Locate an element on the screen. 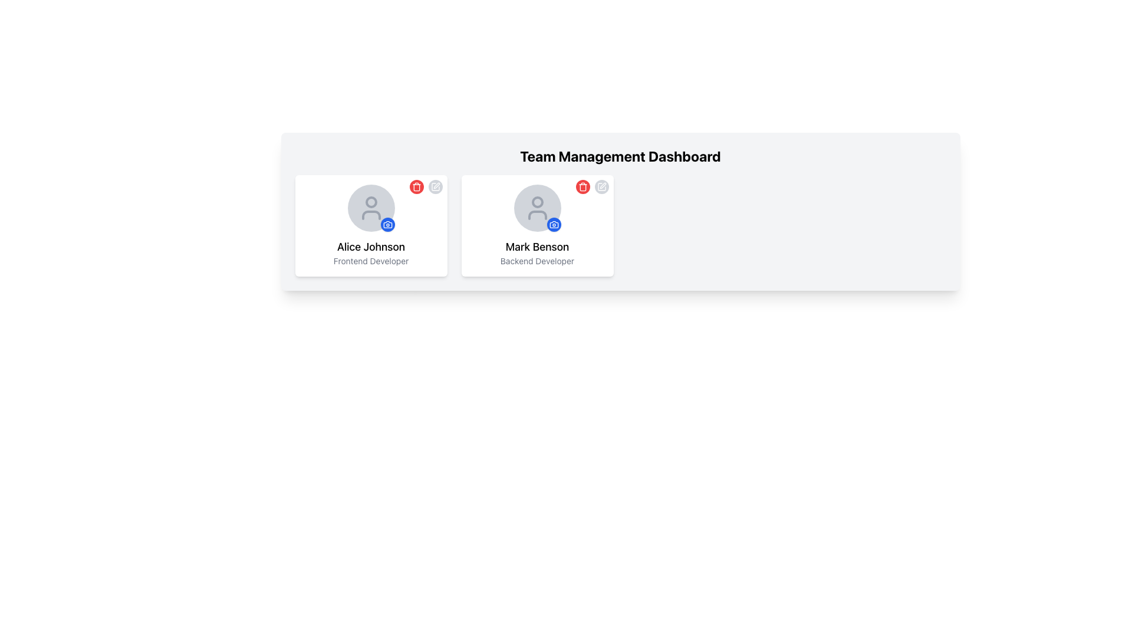  the gray circular shape located in the upper part of the right user card, representing the head area of the avatar icon for Mark Benson is located at coordinates (537, 202).